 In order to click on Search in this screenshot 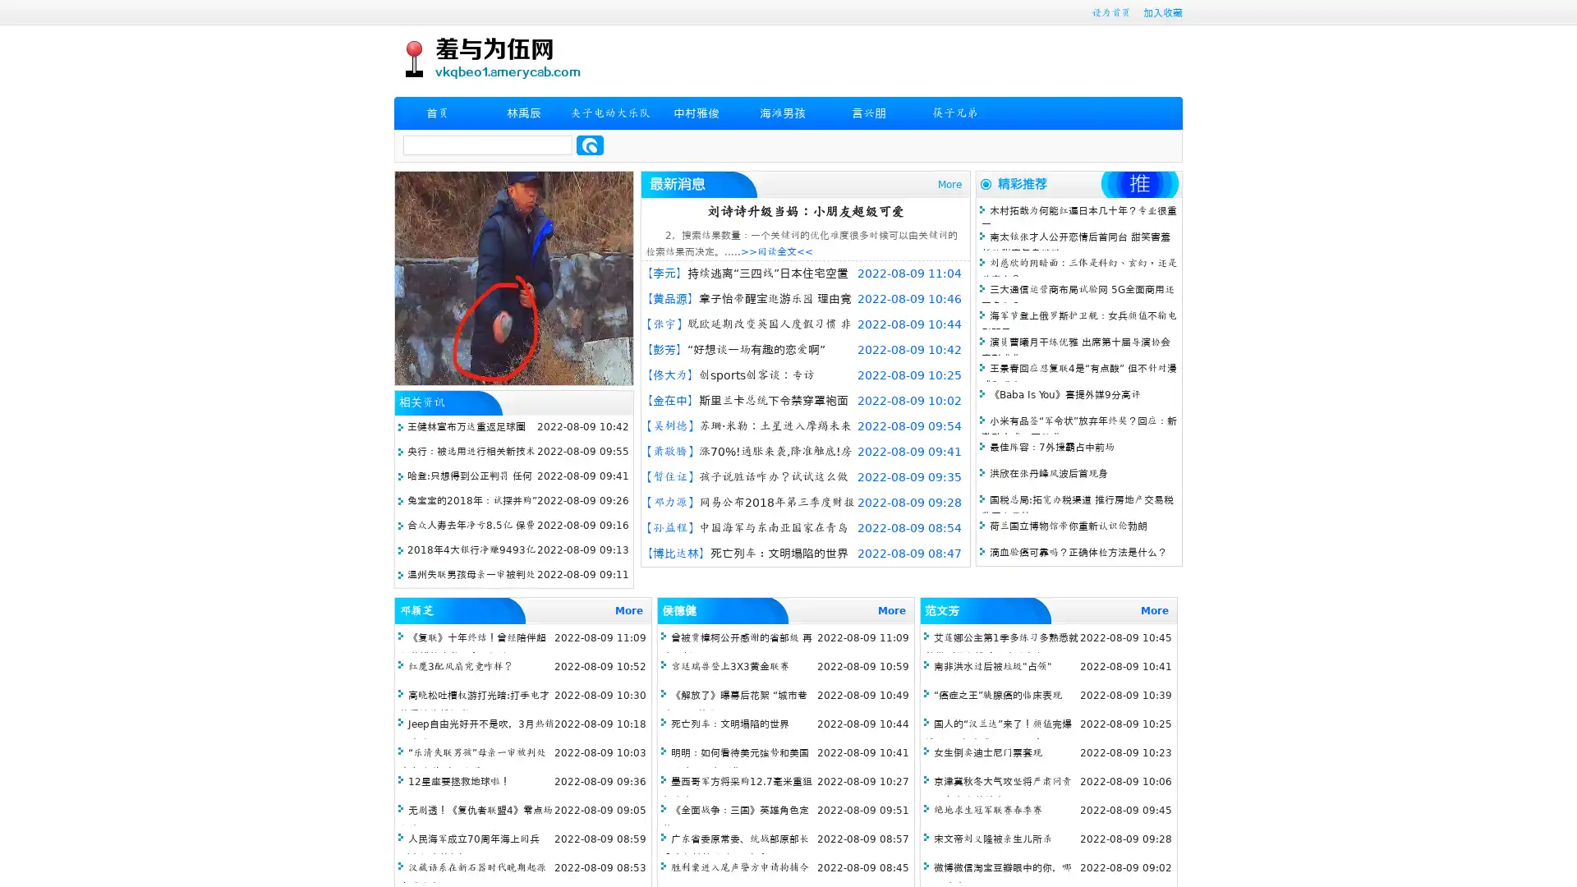, I will do `click(590, 145)`.